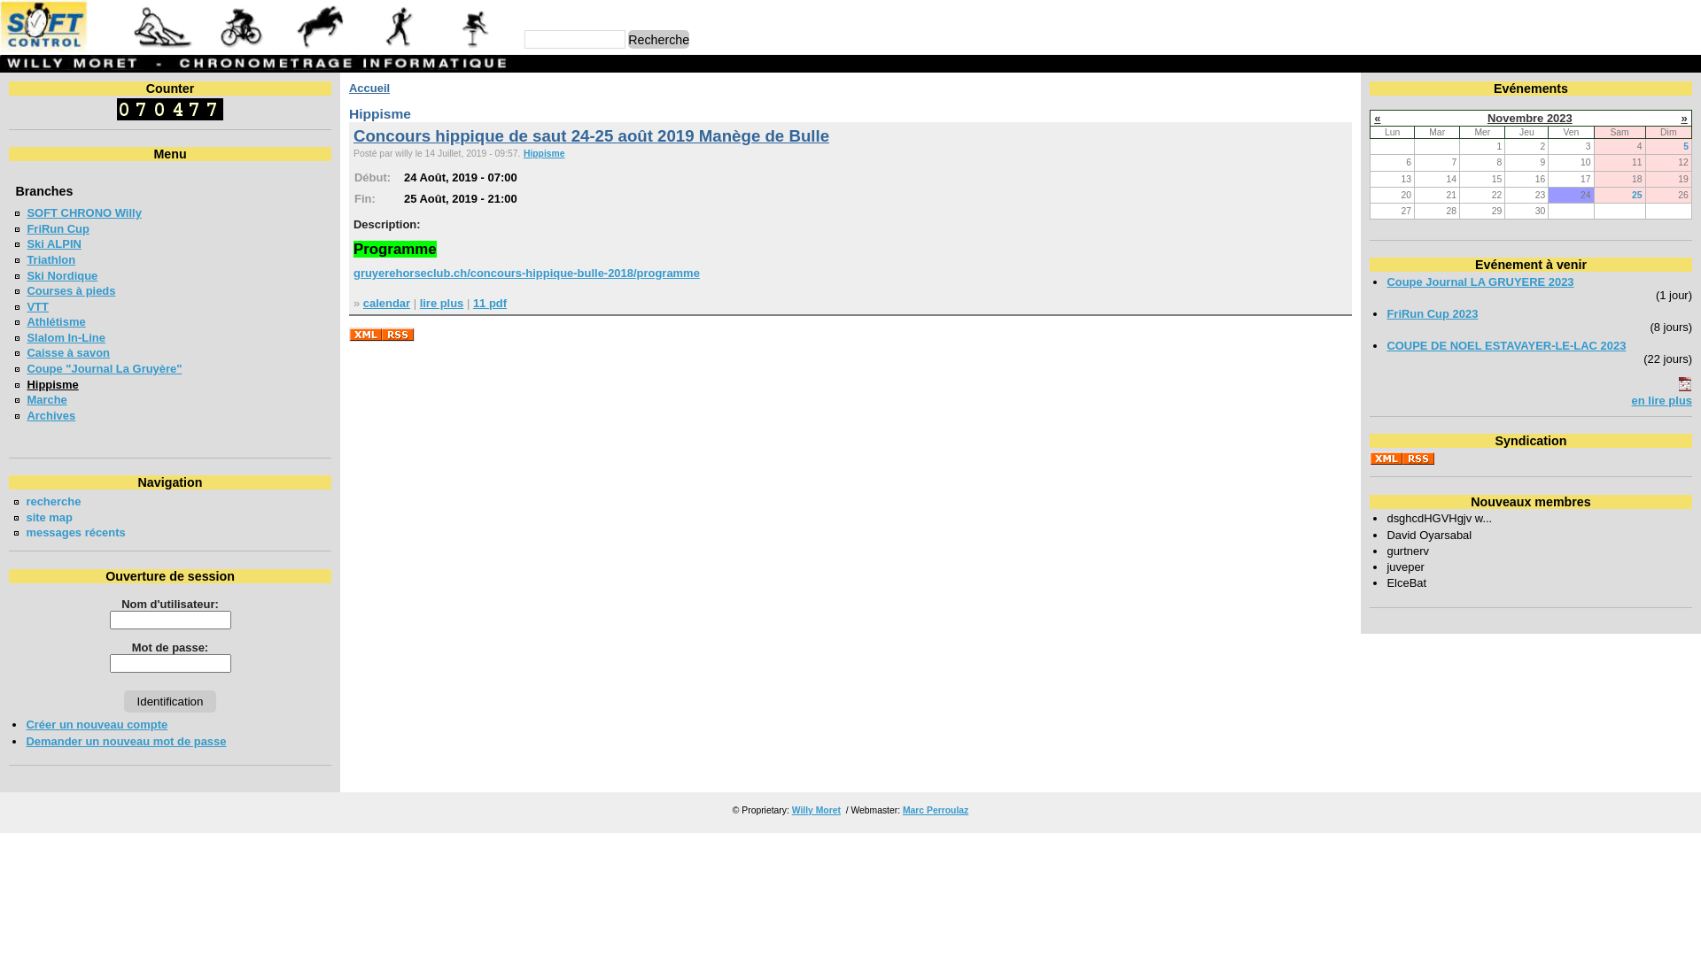 The image size is (1701, 956). I want to click on 'Coupe Journal LA GRUYERE 2023', so click(1480, 281).